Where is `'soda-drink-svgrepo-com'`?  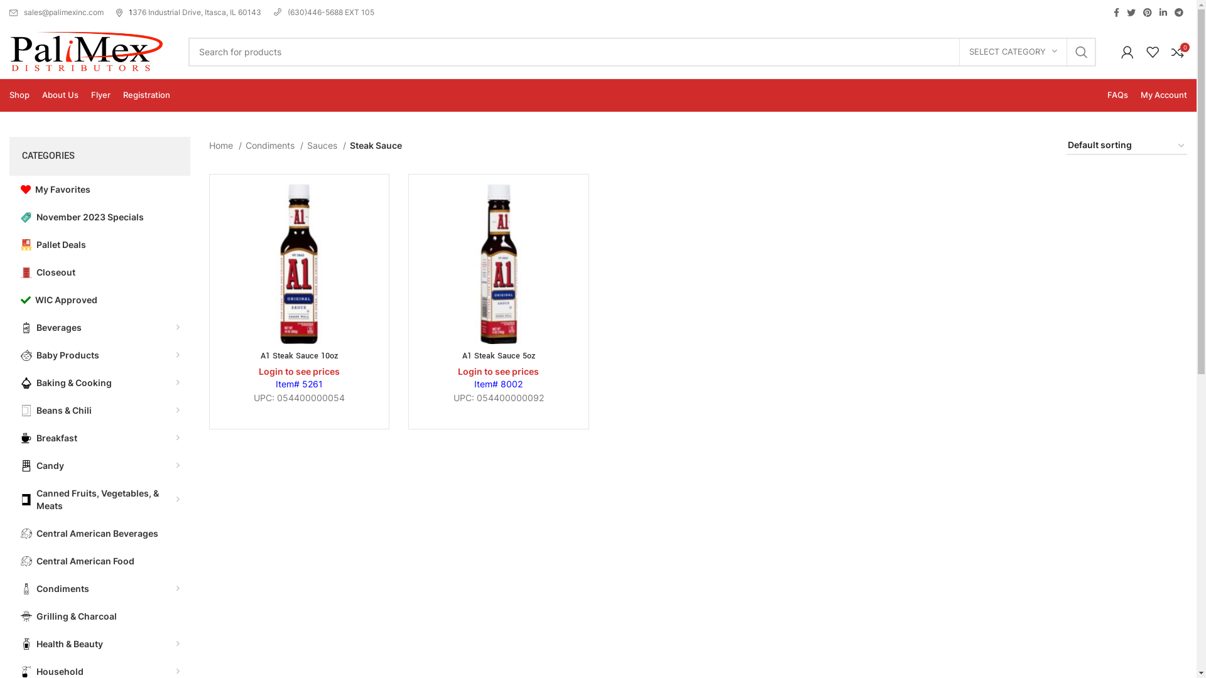 'soda-drink-svgrepo-com' is located at coordinates (21, 326).